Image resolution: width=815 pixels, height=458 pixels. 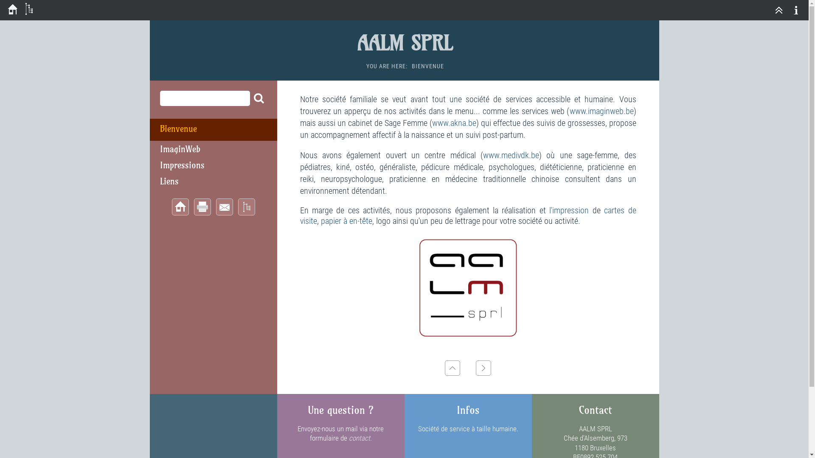 What do you see at coordinates (601, 111) in the screenshot?
I see `'www.imaginweb.be'` at bounding box center [601, 111].